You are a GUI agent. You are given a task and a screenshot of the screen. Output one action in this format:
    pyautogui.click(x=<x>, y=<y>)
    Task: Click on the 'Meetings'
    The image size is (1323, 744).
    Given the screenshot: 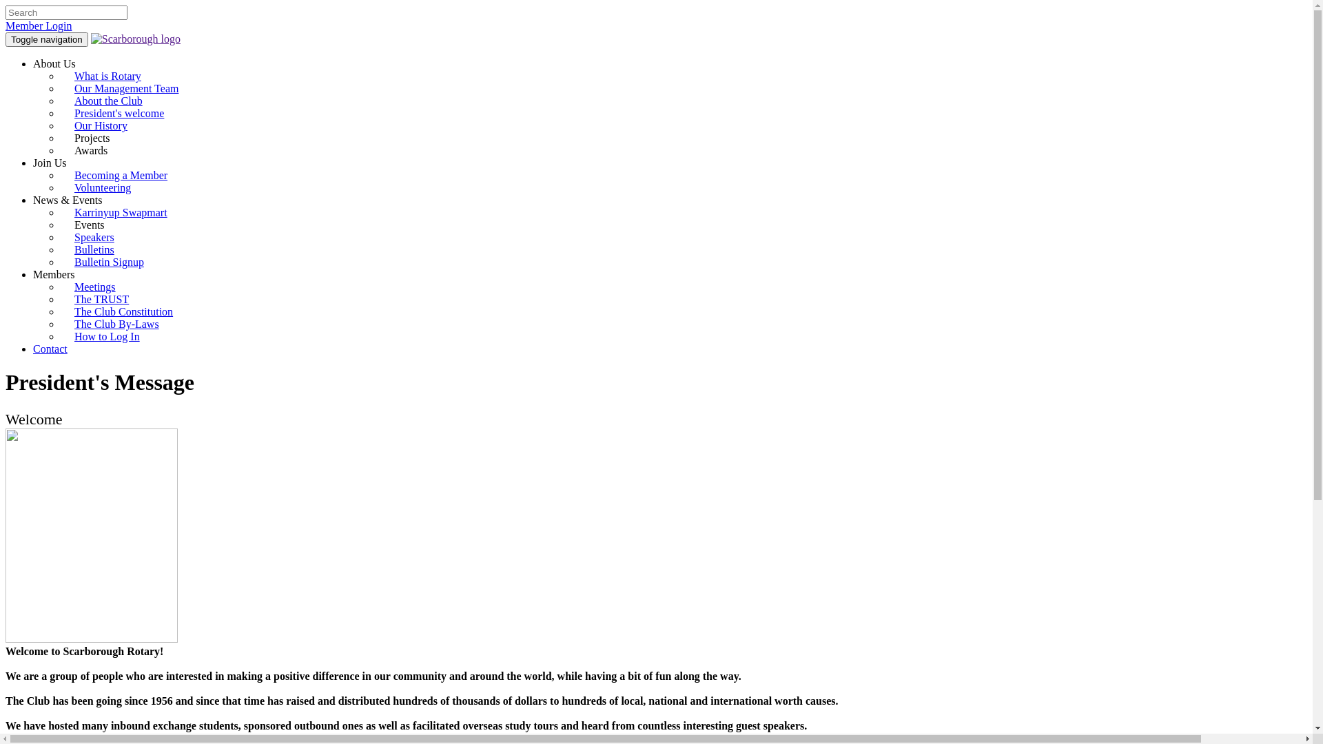 What is the action you would take?
    pyautogui.click(x=94, y=286)
    